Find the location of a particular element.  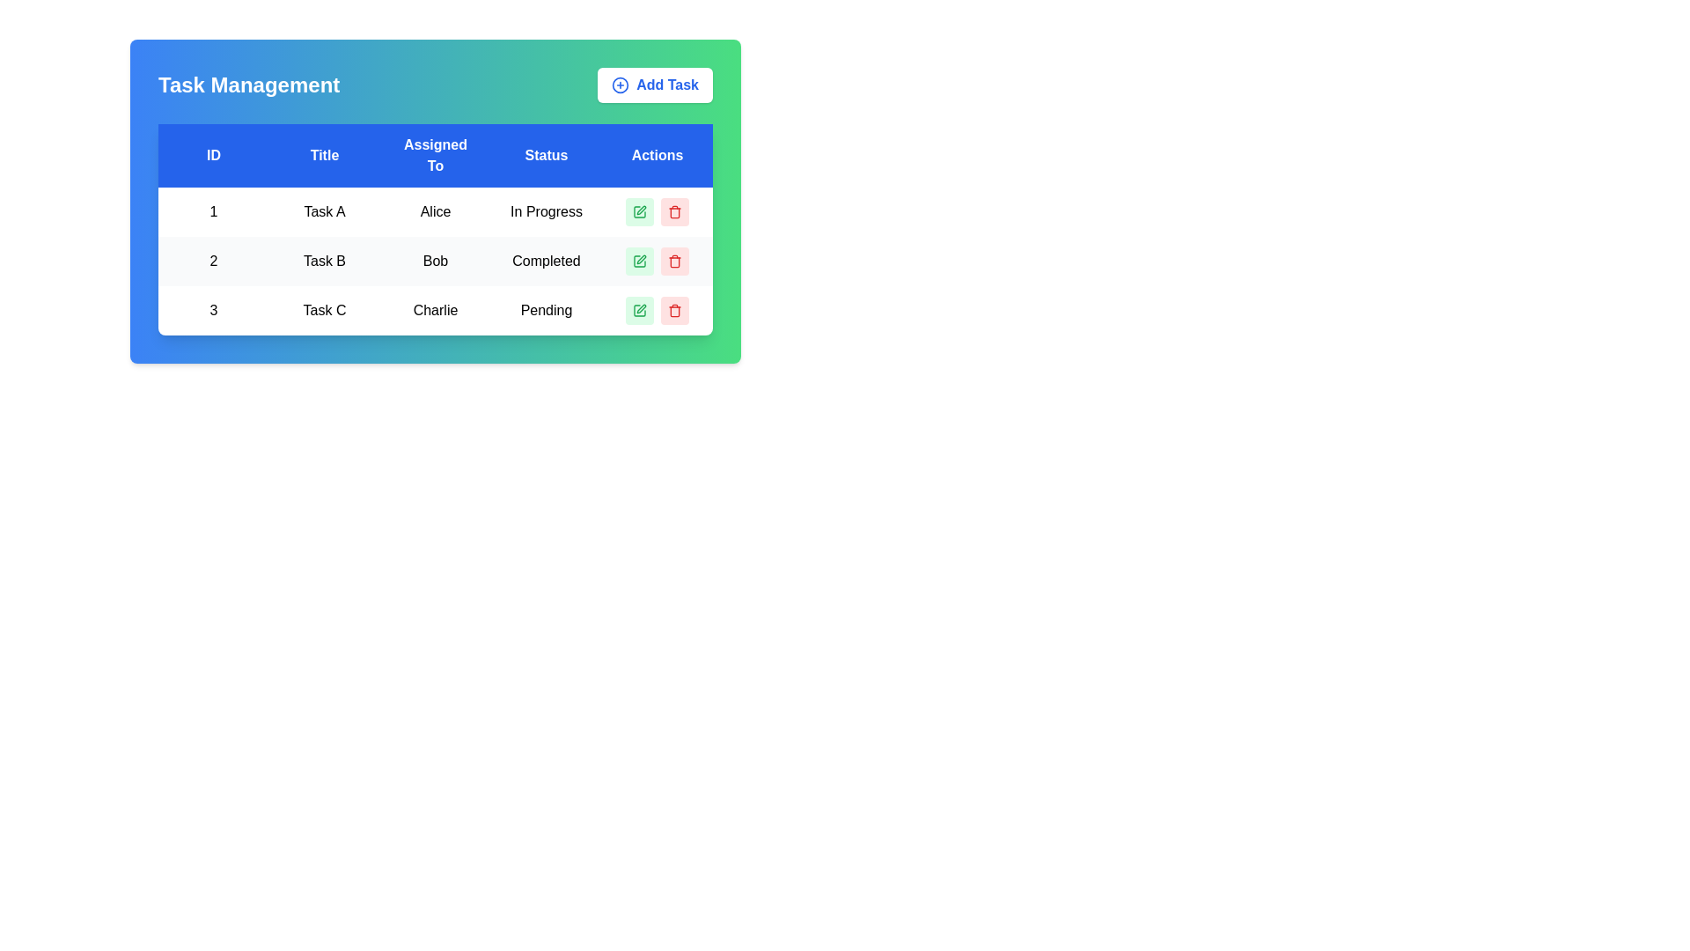

the Text label that contains 'Task A' within the first row of the task table, positioned in the second column under the 'Title' header is located at coordinates (325, 210).